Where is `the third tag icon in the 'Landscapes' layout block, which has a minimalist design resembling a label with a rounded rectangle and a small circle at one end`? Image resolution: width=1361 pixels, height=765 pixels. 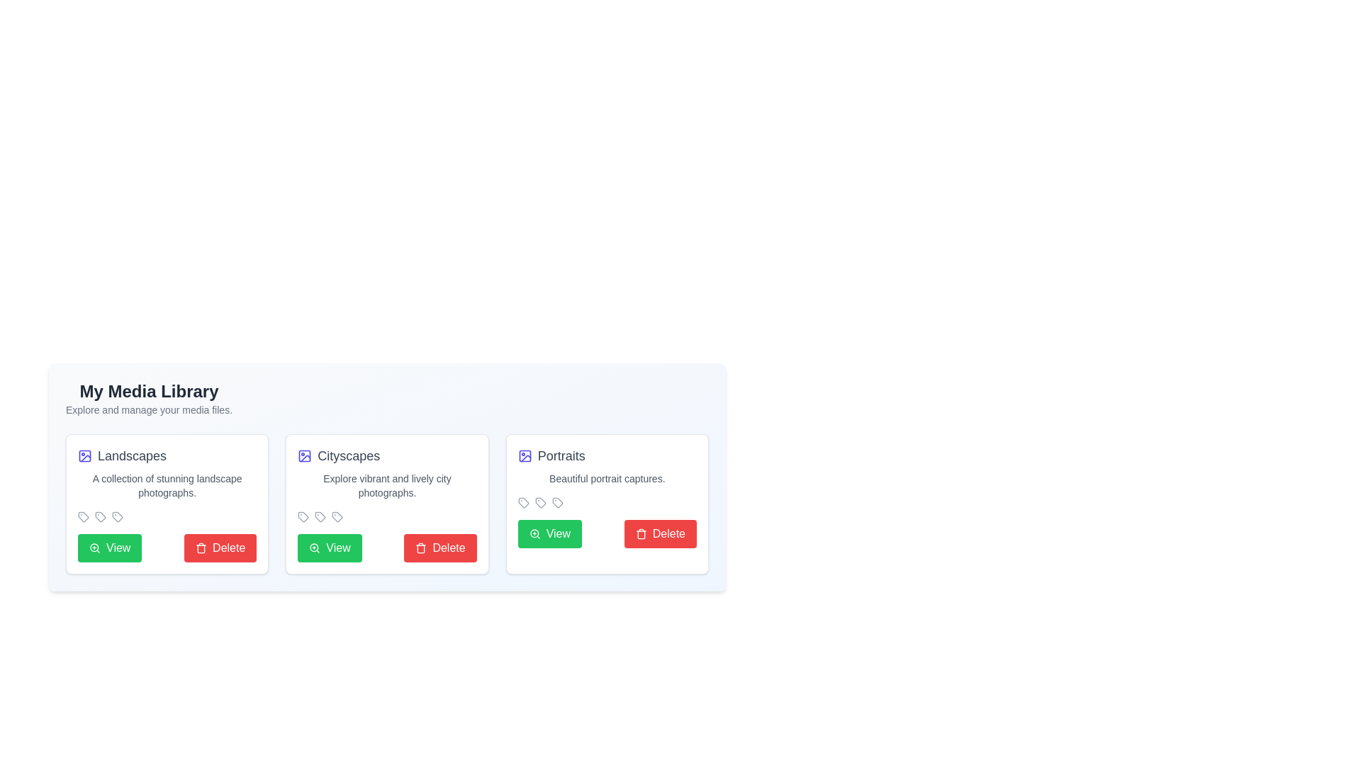
the third tag icon in the 'Landscapes' layout block, which has a minimalist design resembling a label with a rounded rectangle and a small circle at one end is located at coordinates (118, 516).